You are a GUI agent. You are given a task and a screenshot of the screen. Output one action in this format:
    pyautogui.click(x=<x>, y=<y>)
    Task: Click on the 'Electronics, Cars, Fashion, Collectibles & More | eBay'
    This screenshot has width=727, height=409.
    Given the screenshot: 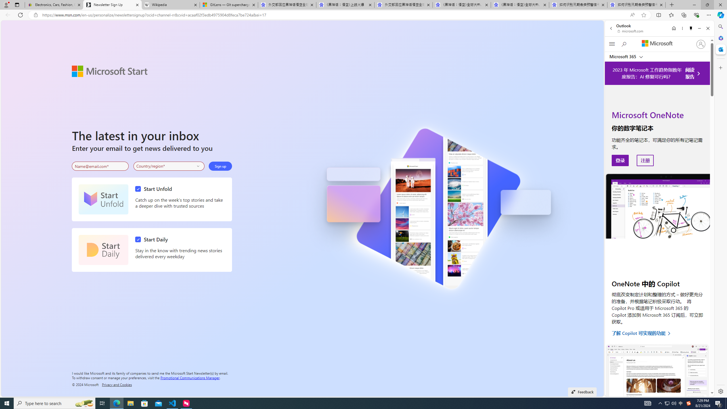 What is the action you would take?
    pyautogui.click(x=54, y=5)
    